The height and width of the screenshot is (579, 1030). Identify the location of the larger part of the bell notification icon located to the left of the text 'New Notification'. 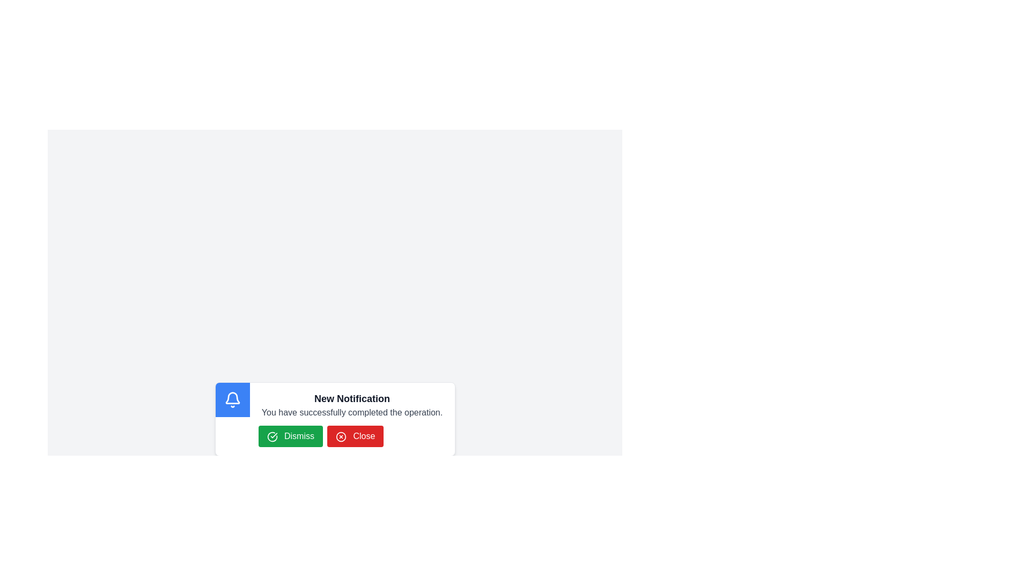
(232, 398).